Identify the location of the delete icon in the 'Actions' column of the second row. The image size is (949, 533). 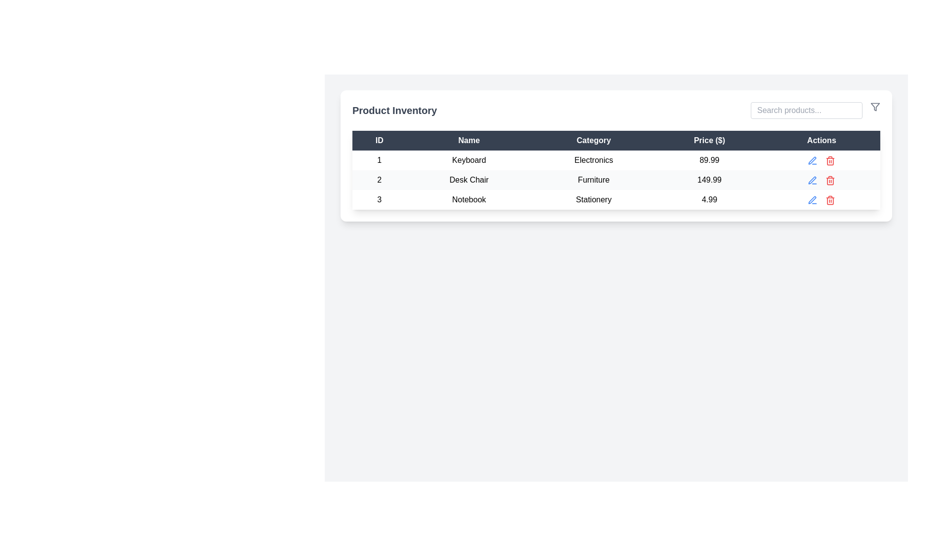
(830, 180).